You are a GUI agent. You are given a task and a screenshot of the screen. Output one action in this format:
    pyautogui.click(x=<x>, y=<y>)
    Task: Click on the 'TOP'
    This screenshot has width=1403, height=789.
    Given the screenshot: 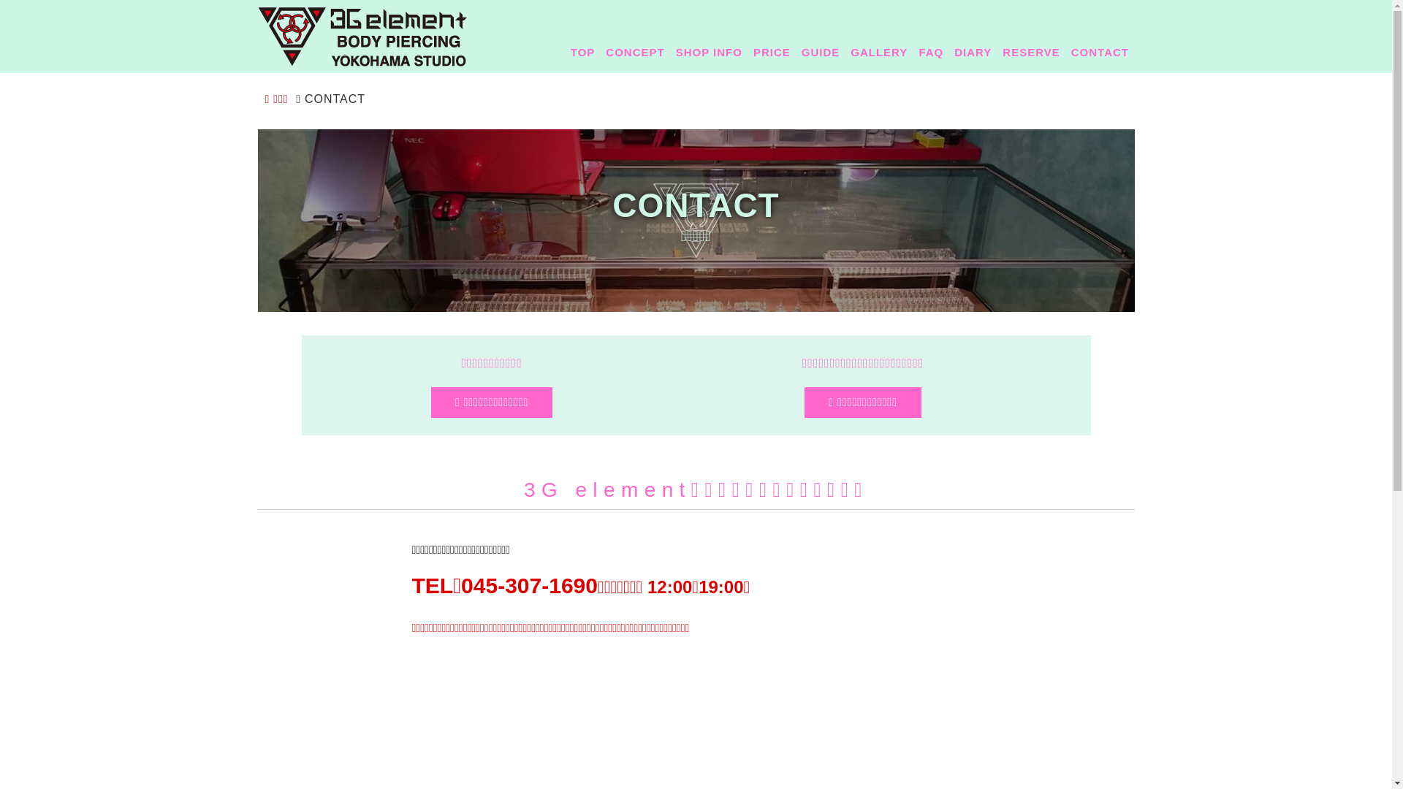 What is the action you would take?
    pyautogui.click(x=582, y=50)
    